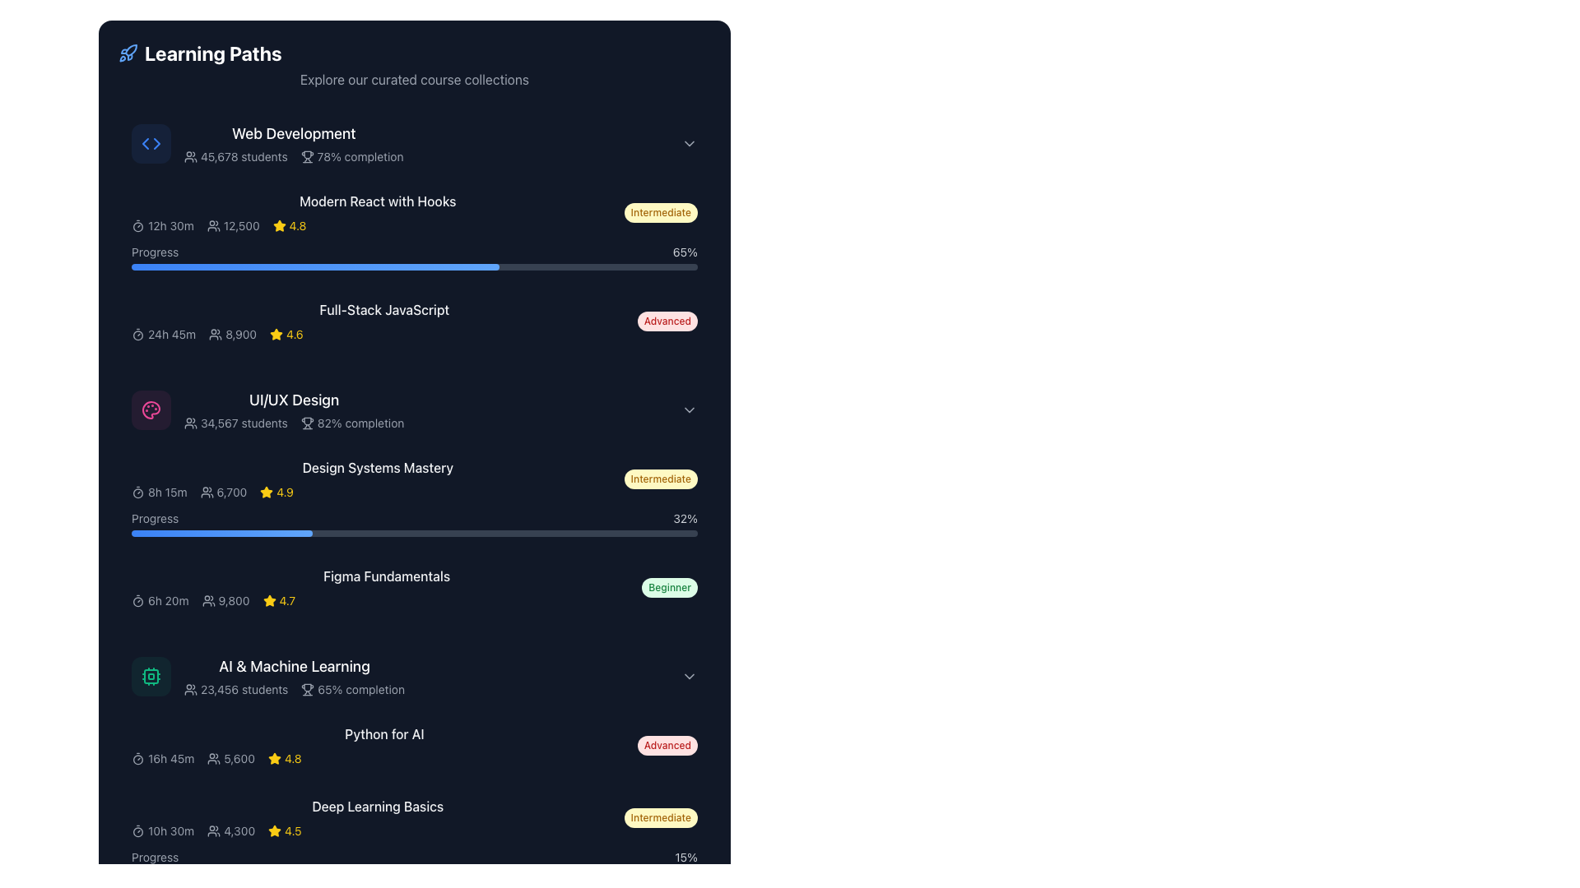 The image size is (1580, 888). Describe the element at coordinates (670, 586) in the screenshot. I see `the badge indicating the skill level 'Beginner' for the 'Figma Fundamentals' course in the 'Learning Paths' section` at that location.